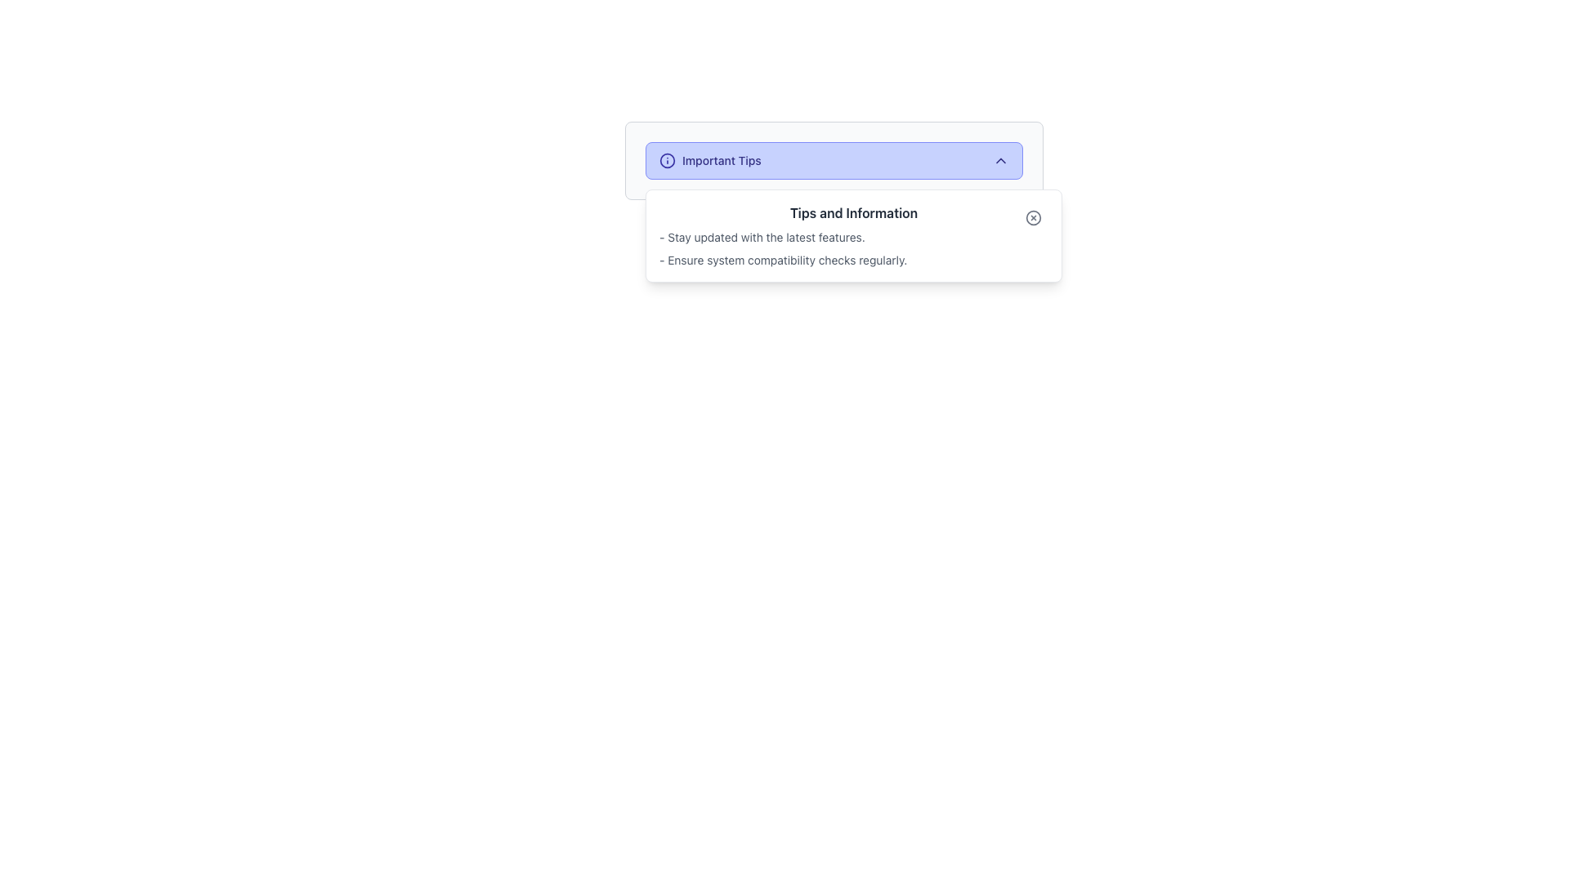 The height and width of the screenshot is (882, 1569). I want to click on the text content containing two bullet points styled in gray, located under the 'Tips and Information' section, so click(853, 248).